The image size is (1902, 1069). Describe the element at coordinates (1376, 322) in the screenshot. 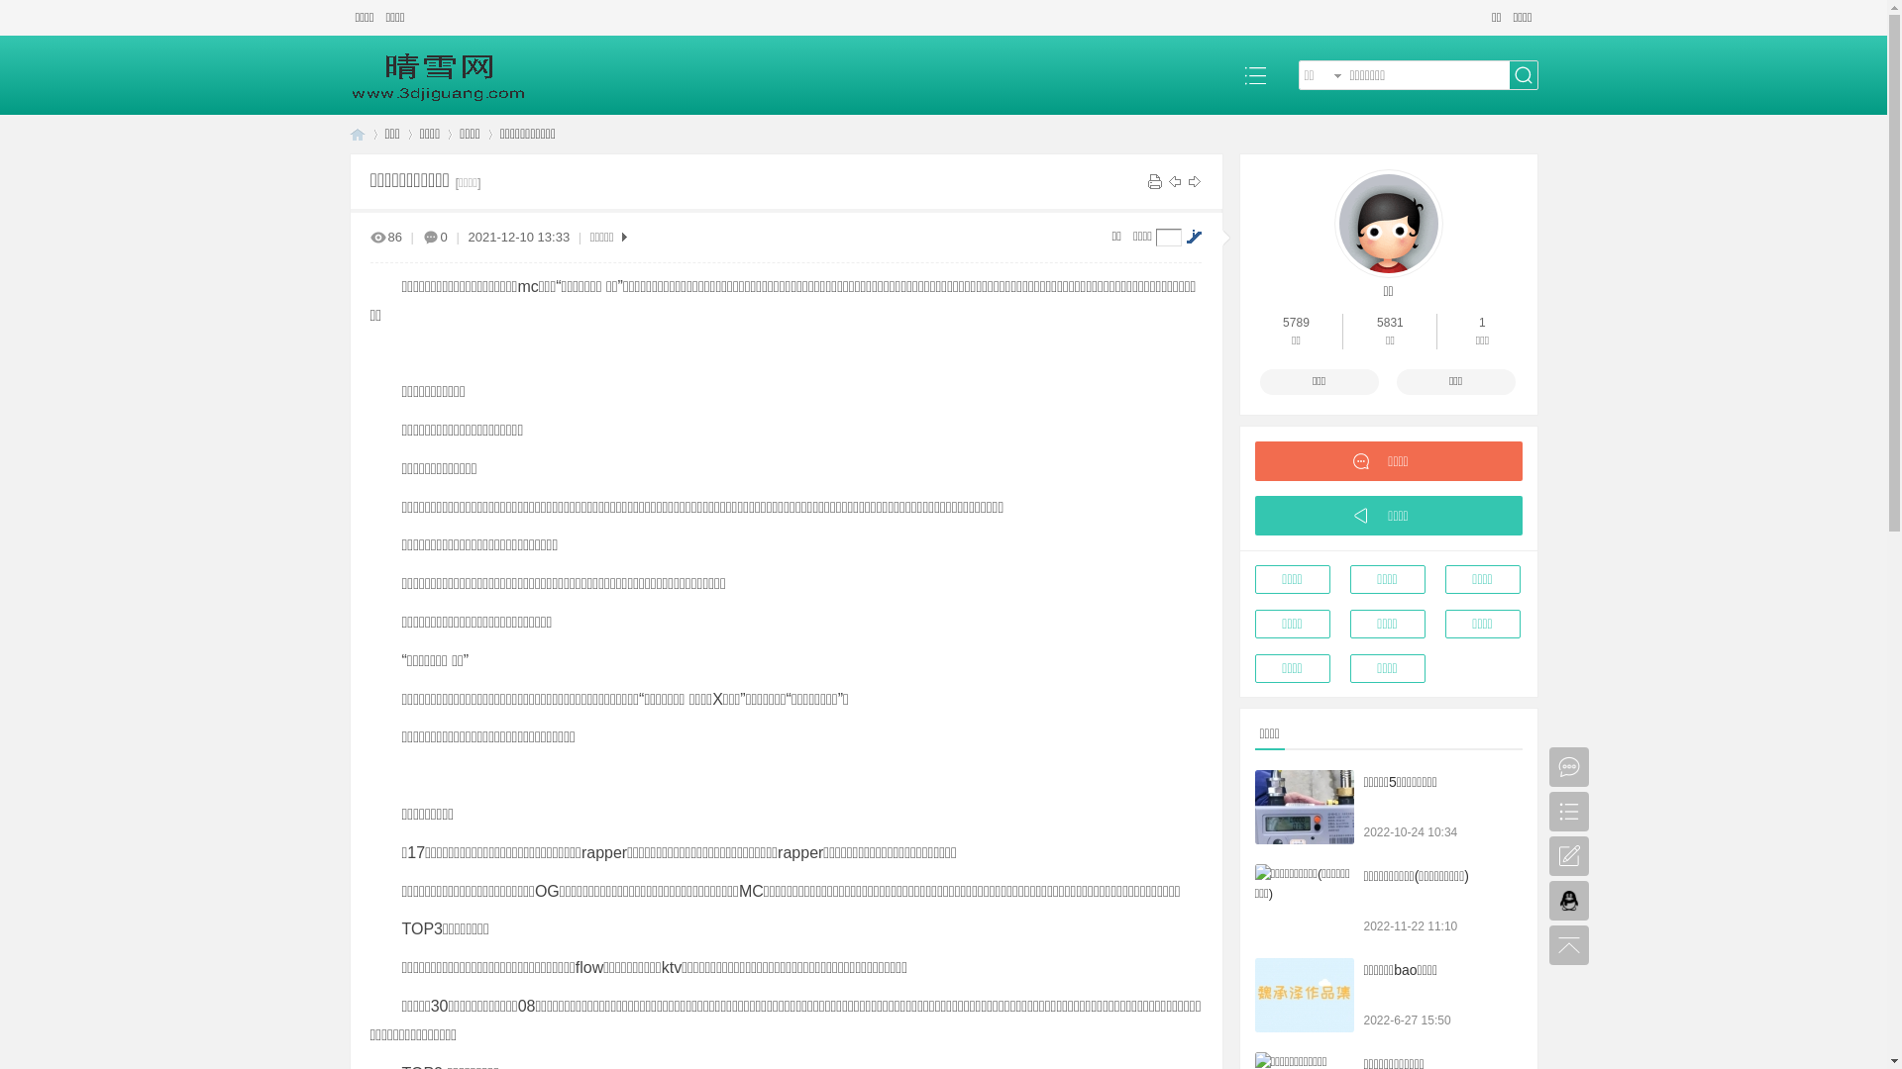

I see `'5831'` at that location.